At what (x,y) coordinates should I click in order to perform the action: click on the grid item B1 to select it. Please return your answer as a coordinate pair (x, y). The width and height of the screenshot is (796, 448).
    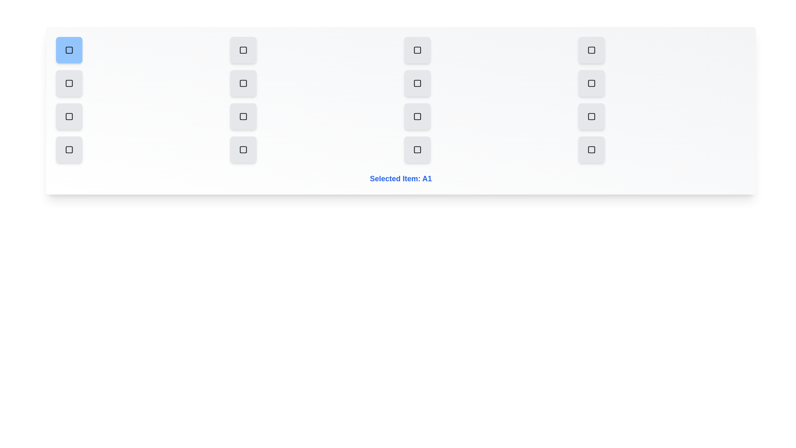
    Looking at the image, I should click on (69, 83).